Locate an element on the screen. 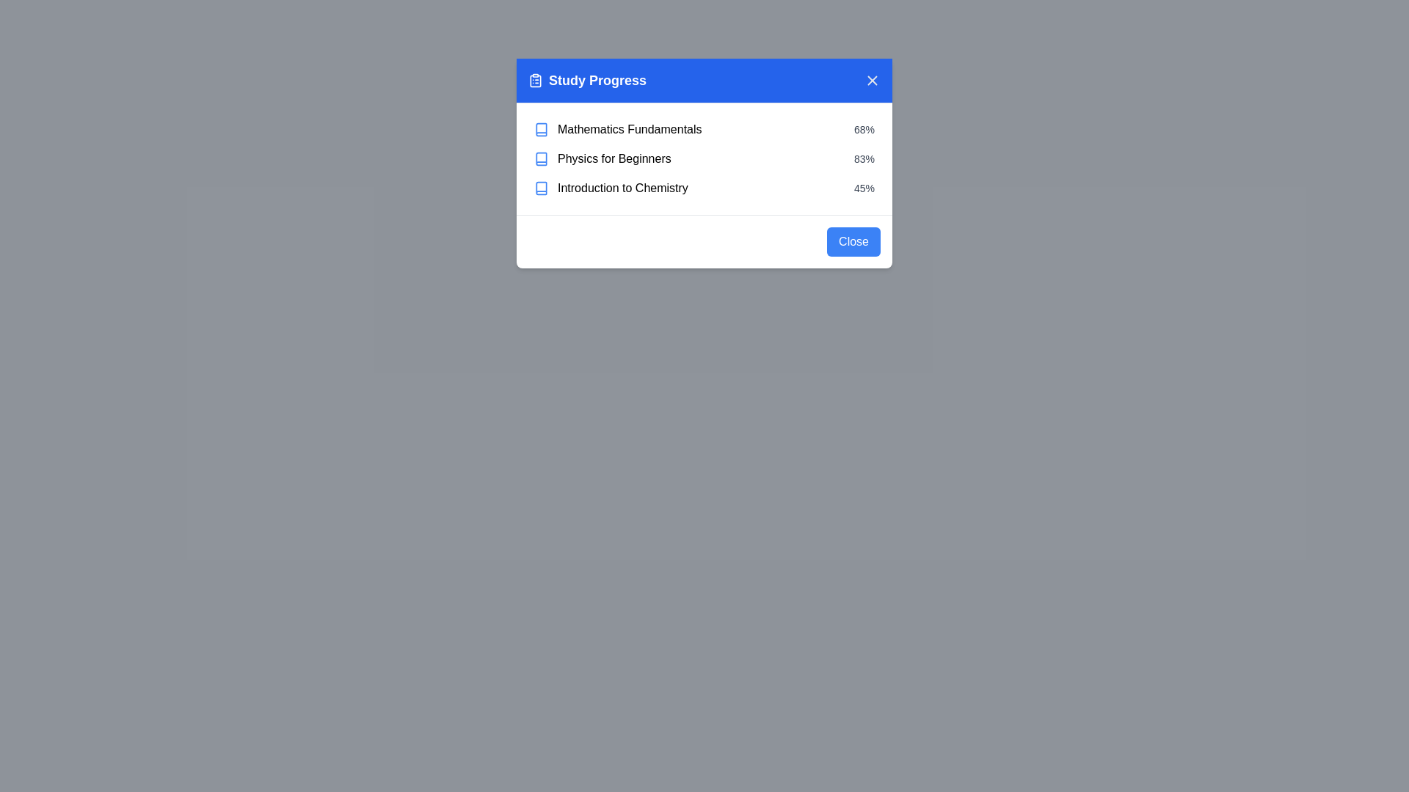 The width and height of the screenshot is (1409, 792). on the list item titled 'Mathematics Fundamentals', which is the topmost item in the 'Study Progress' section is located at coordinates (704, 129).